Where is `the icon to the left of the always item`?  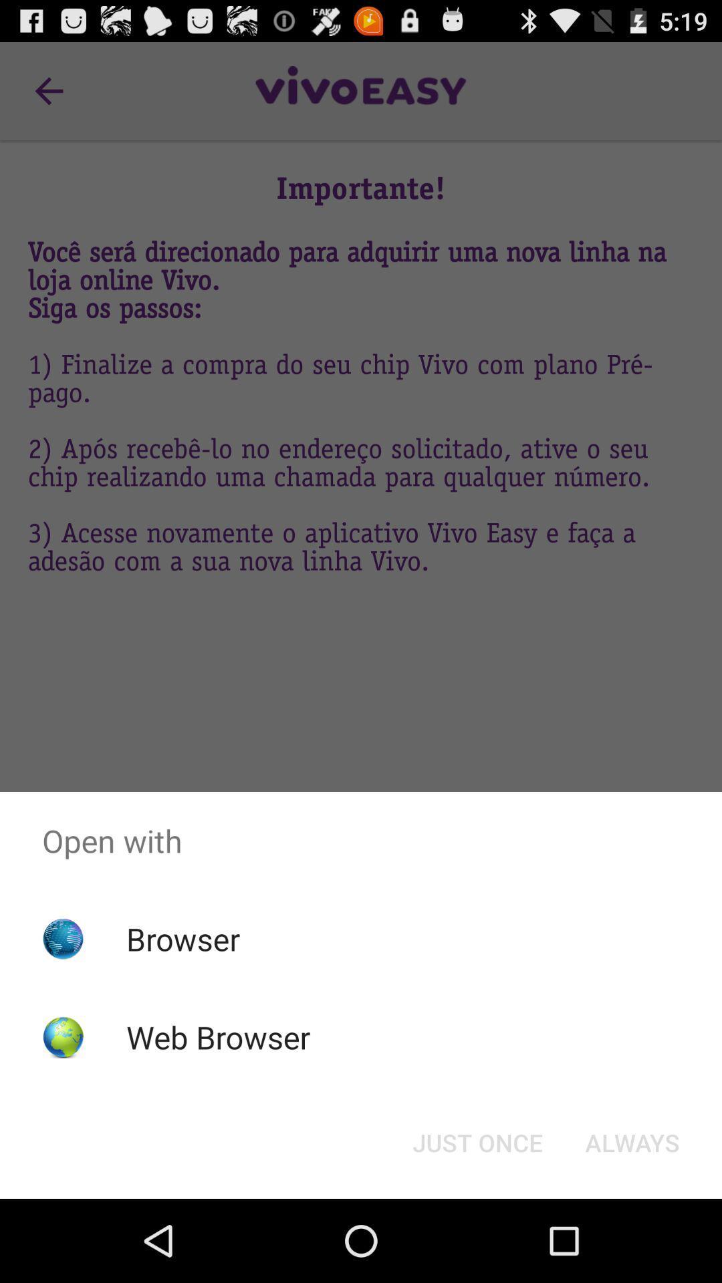
the icon to the left of the always item is located at coordinates (477, 1141).